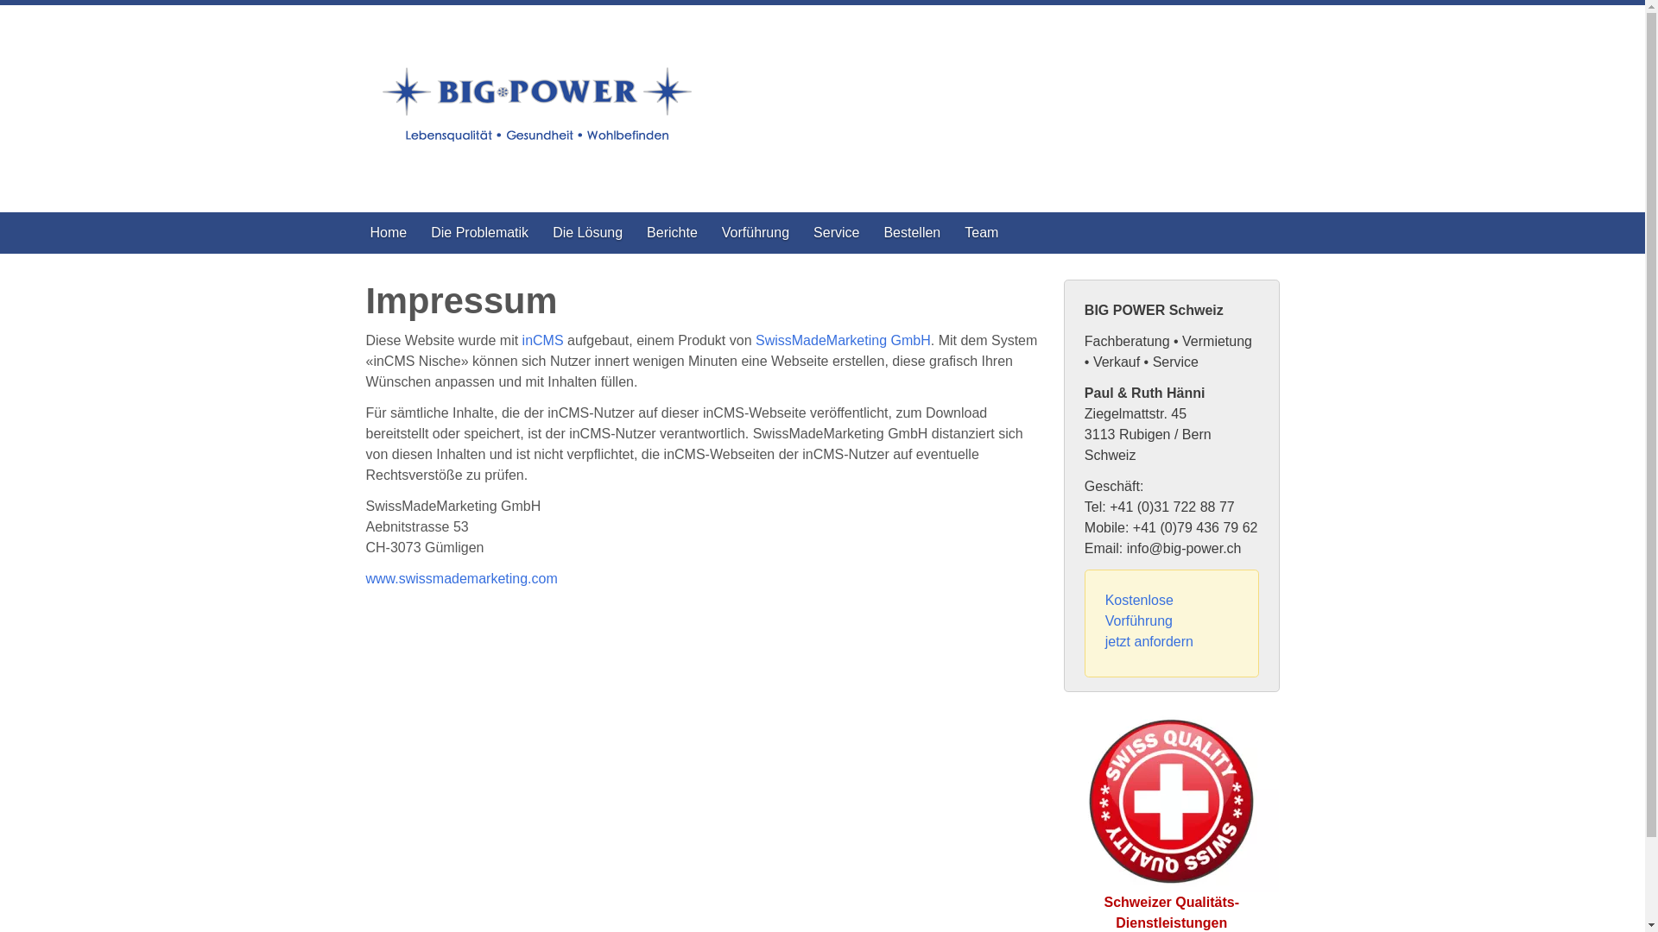  I want to click on 'www.swissmademarketing.com', so click(364, 578).